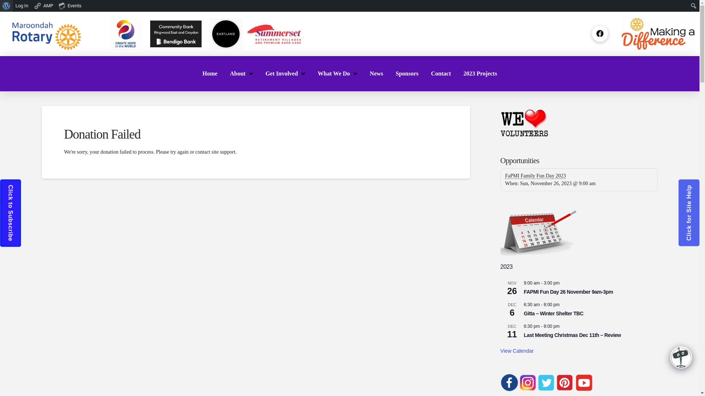 This screenshot has height=396, width=705. What do you see at coordinates (406, 73) in the screenshot?
I see `'Sponsors'` at bounding box center [406, 73].